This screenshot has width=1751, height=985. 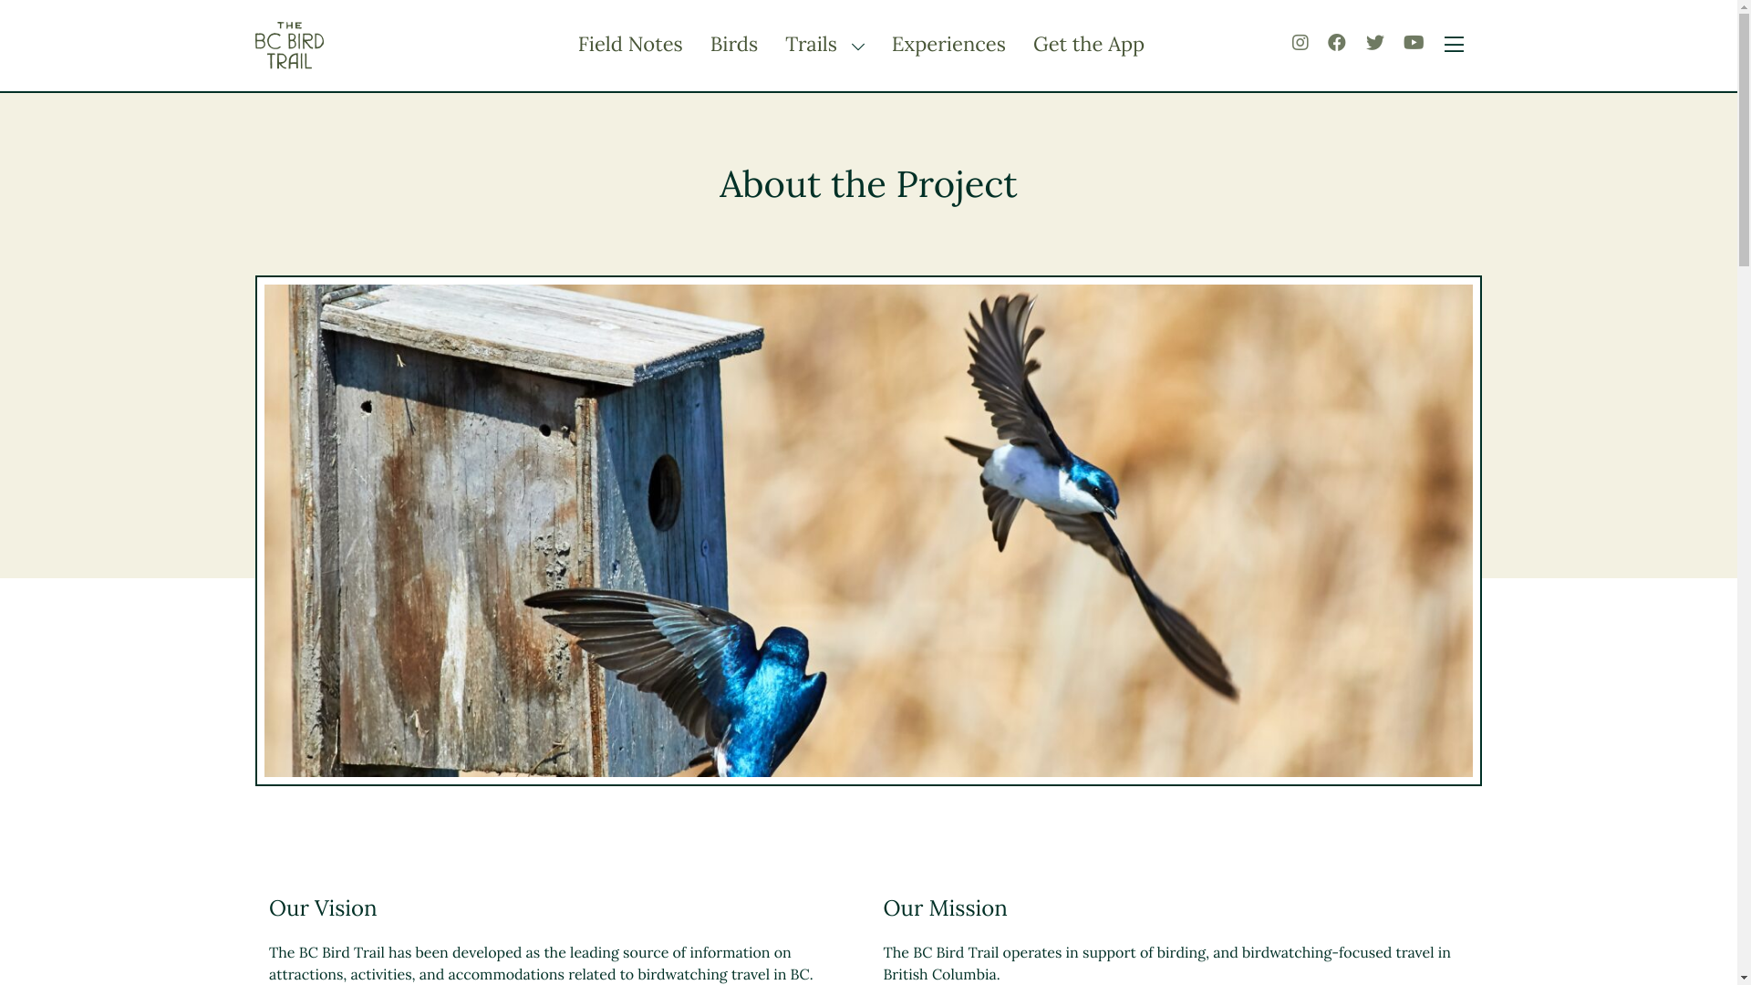 I want to click on 'TOGGLE DROPDOWN', so click(x=853, y=45).